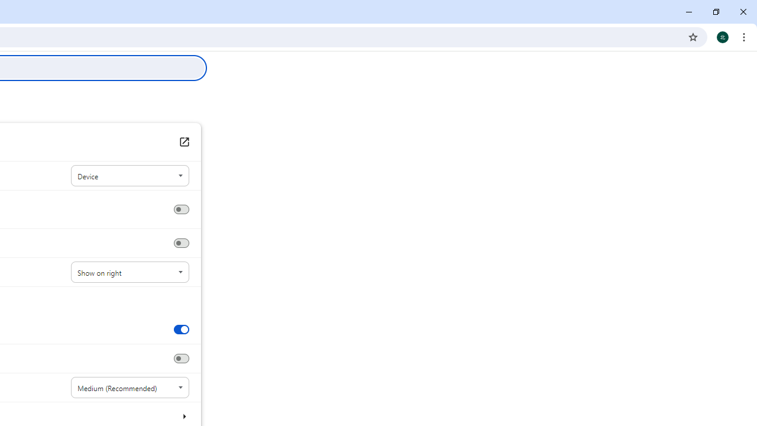  I want to click on 'Show tab memory usage', so click(180, 358).